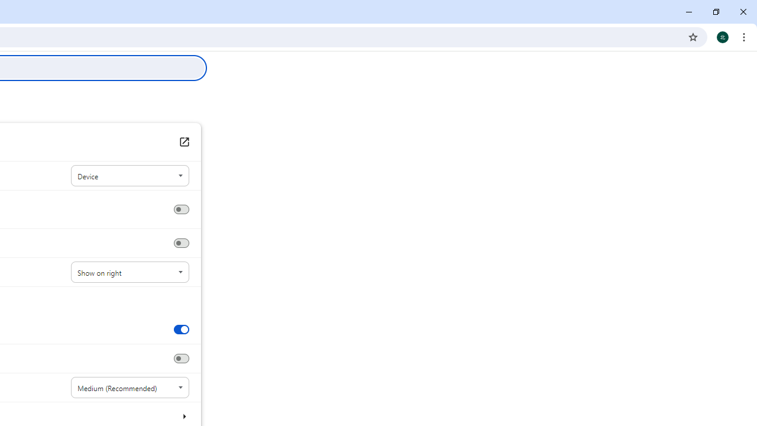  I want to click on 'Show tab memory usage', so click(180, 358).